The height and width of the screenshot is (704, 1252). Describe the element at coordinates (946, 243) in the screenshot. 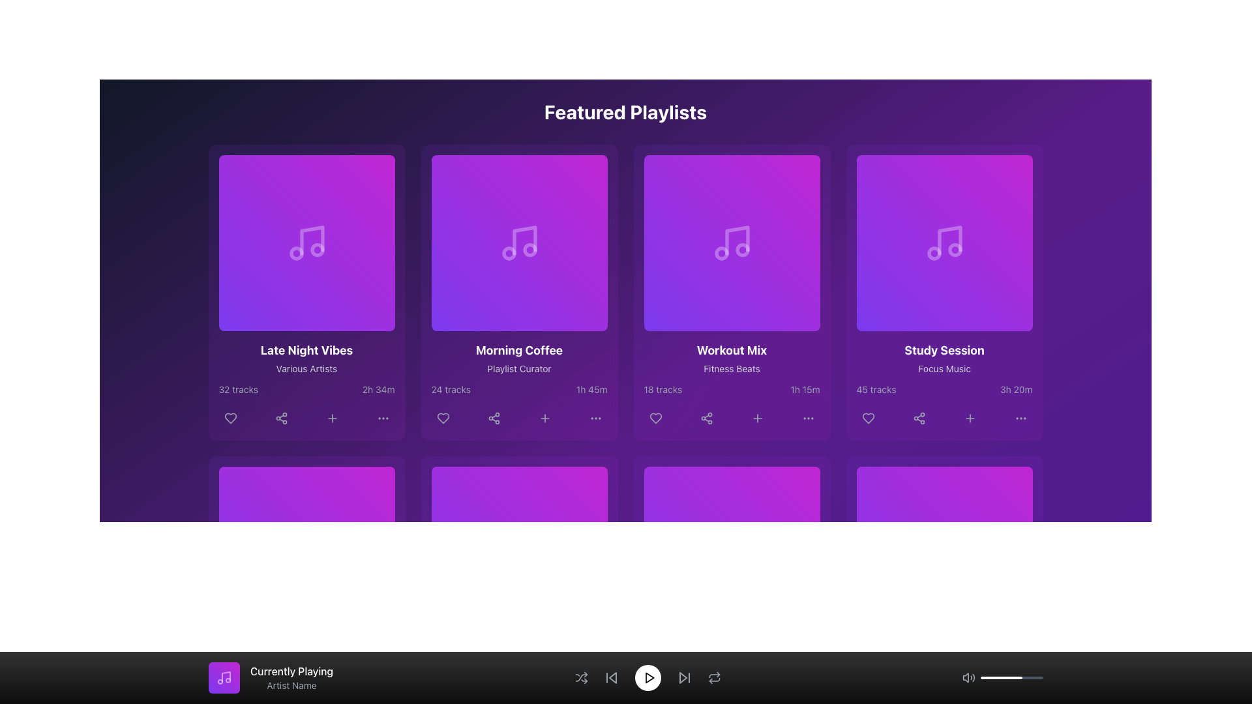

I see `the play icon, which is a triangular play button with a white stroke set within a circular background, centrally positioned in the top area of the 'Study Session' playlist card in the 'Featured Playlists' grid` at that location.